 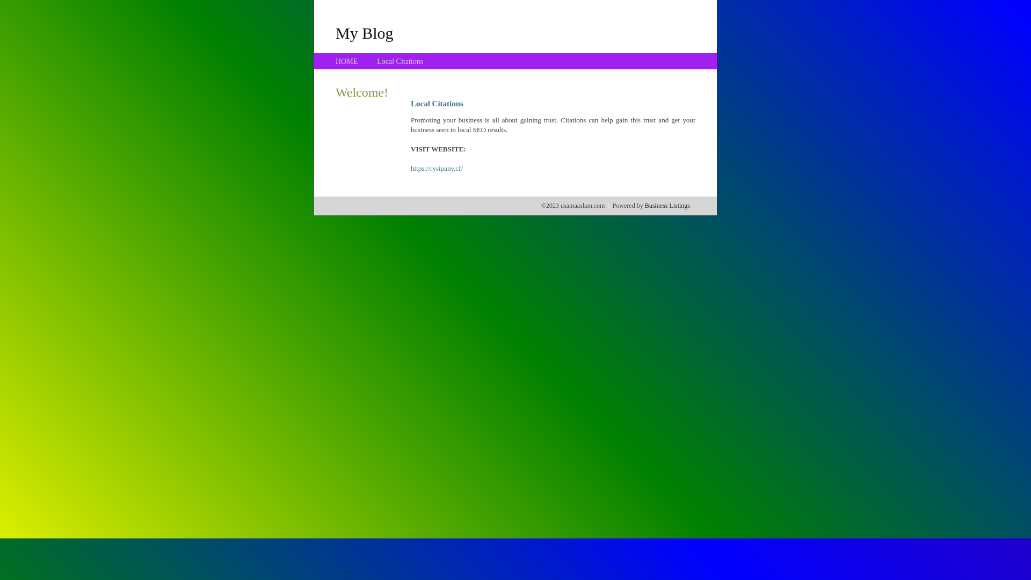 What do you see at coordinates (399, 61) in the screenshot?
I see `'Local Citations'` at bounding box center [399, 61].